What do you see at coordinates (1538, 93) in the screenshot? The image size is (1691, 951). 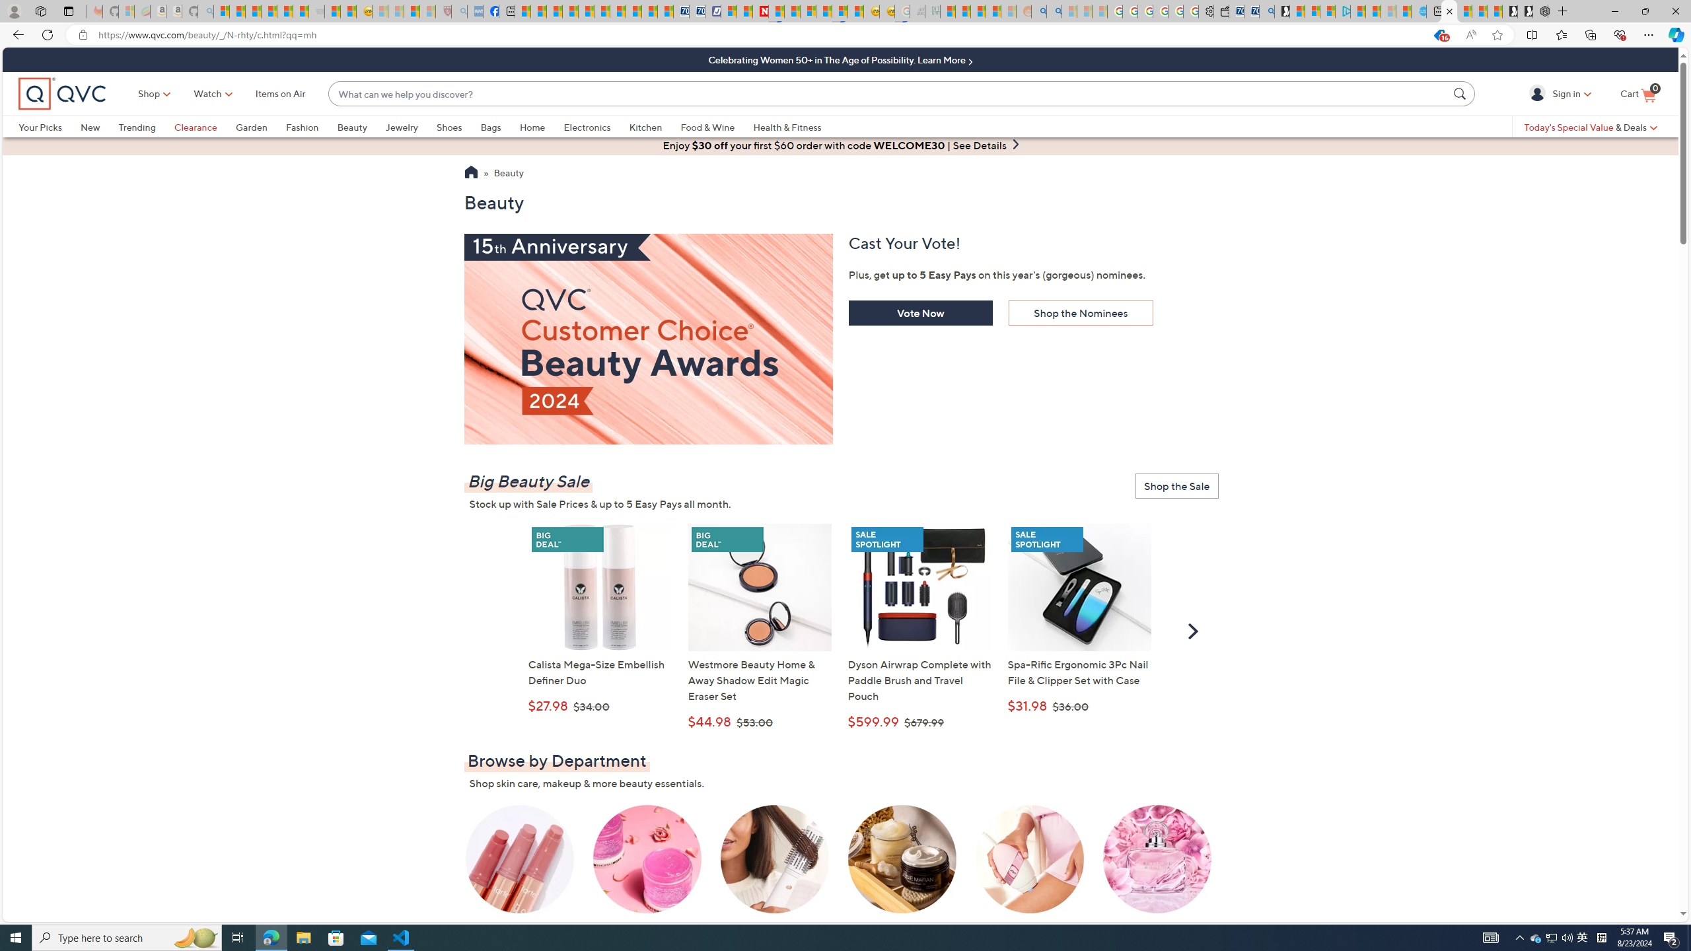 I see `'Sign in'` at bounding box center [1538, 93].